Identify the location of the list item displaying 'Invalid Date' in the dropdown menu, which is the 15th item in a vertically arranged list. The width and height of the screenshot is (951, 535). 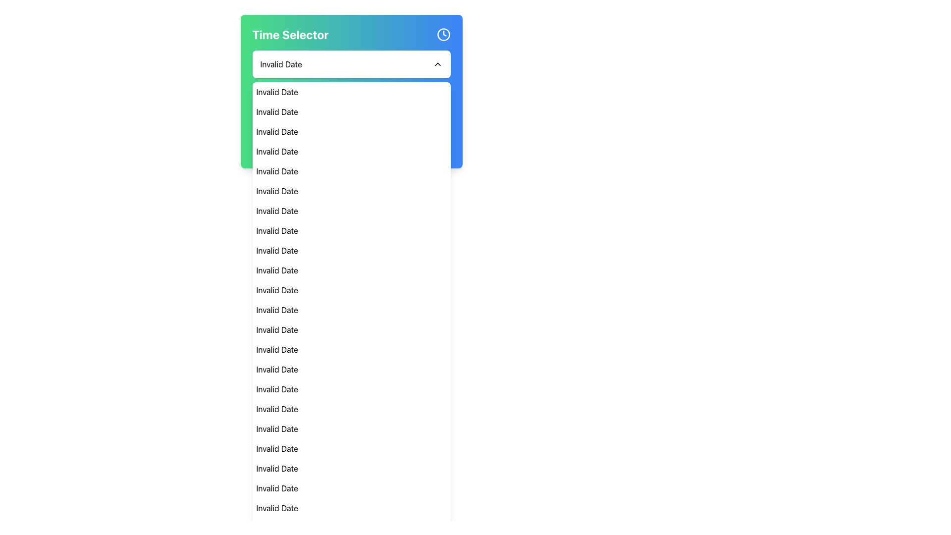
(351, 369).